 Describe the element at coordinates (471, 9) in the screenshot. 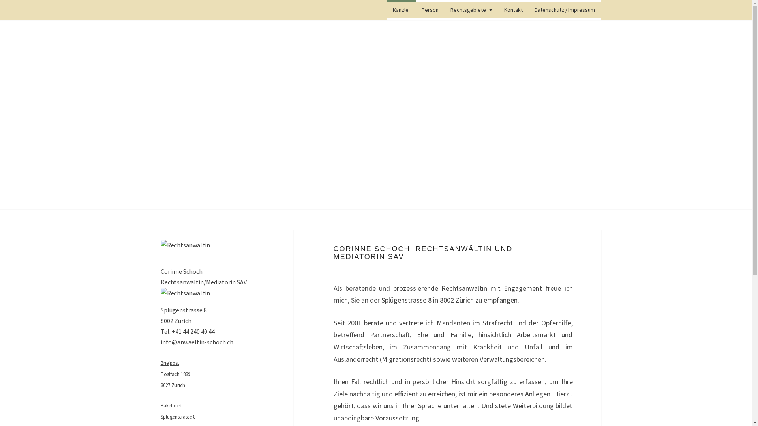

I see `'Rechtsgebiete'` at that location.